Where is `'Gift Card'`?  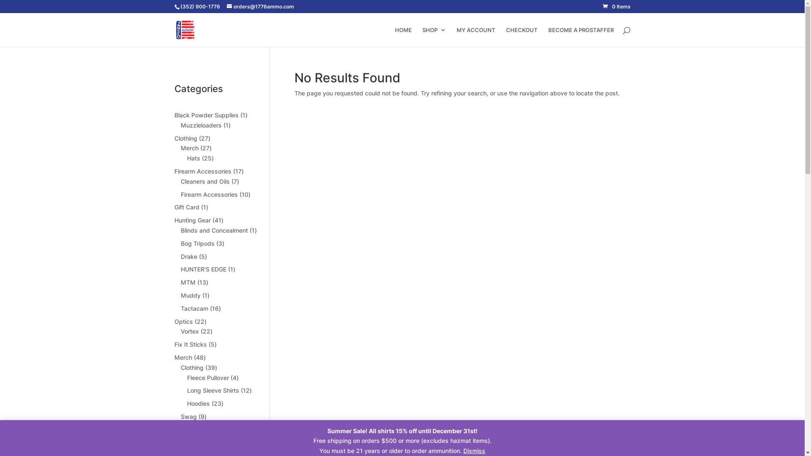
'Gift Card' is located at coordinates (186, 207).